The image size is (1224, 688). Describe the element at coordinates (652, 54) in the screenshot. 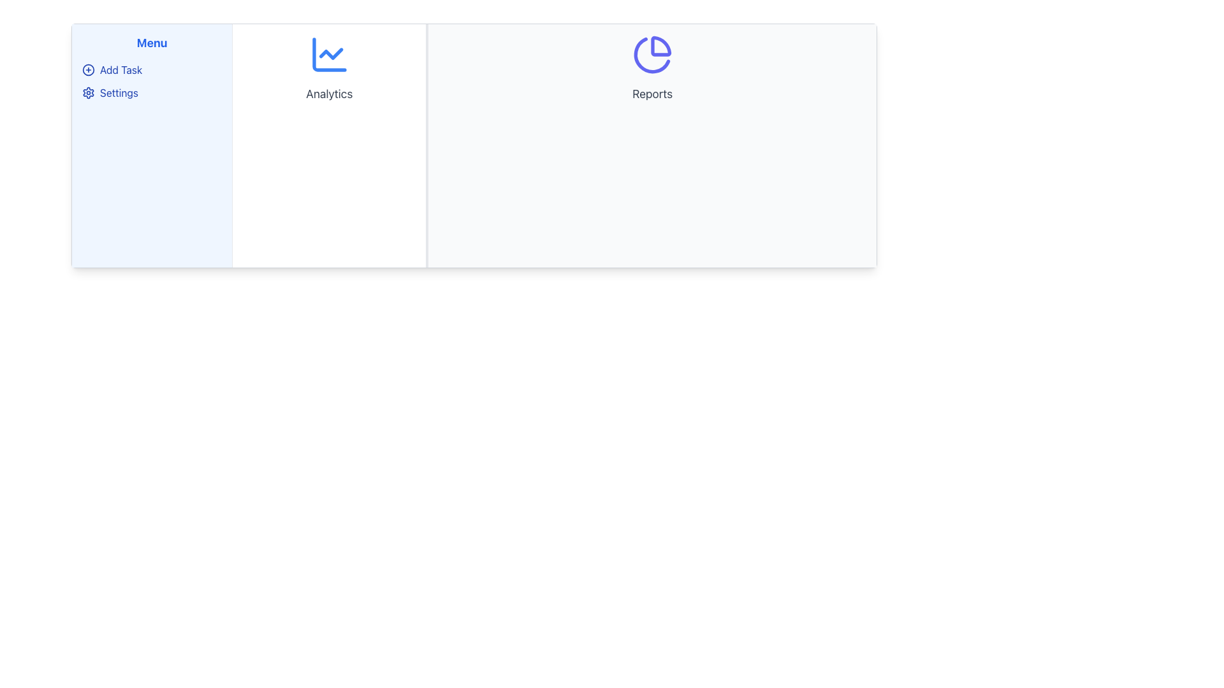

I see `the 'Reports' icon located in the right panel above the 'Reports' text` at that location.